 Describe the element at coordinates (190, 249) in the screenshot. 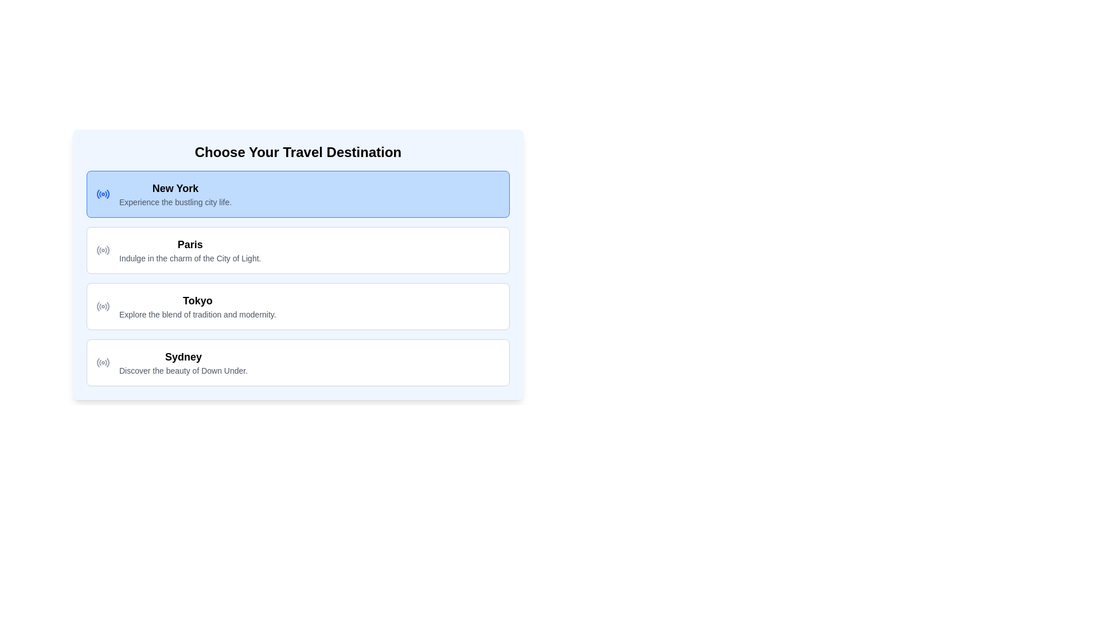

I see `the selectable description for the travel destination 'Paris' located in the second row of the vertical list of destinations` at that location.